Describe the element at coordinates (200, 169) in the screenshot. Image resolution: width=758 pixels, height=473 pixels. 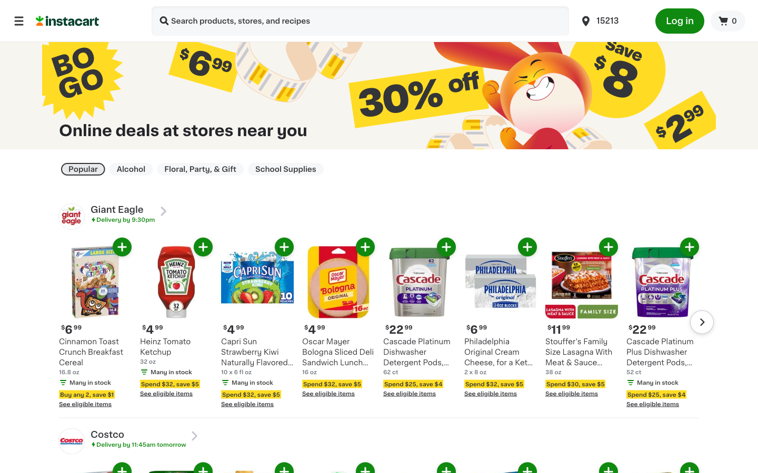
I see `Take me to Floral, Party & Gift Page` at that location.